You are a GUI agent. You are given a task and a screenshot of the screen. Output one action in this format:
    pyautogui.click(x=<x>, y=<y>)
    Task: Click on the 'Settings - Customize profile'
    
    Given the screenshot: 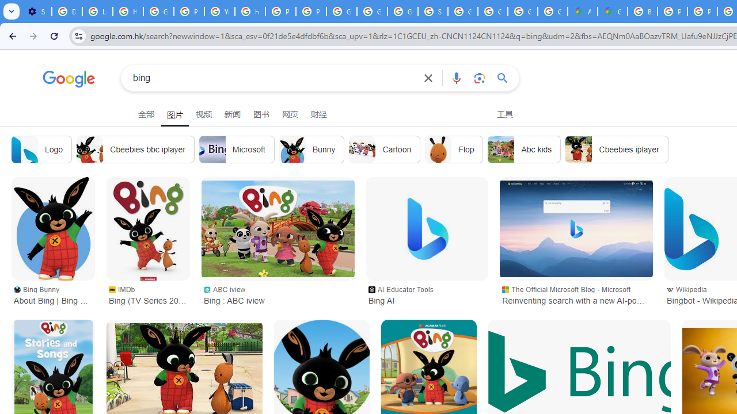 What is the action you would take?
    pyautogui.click(x=36, y=11)
    